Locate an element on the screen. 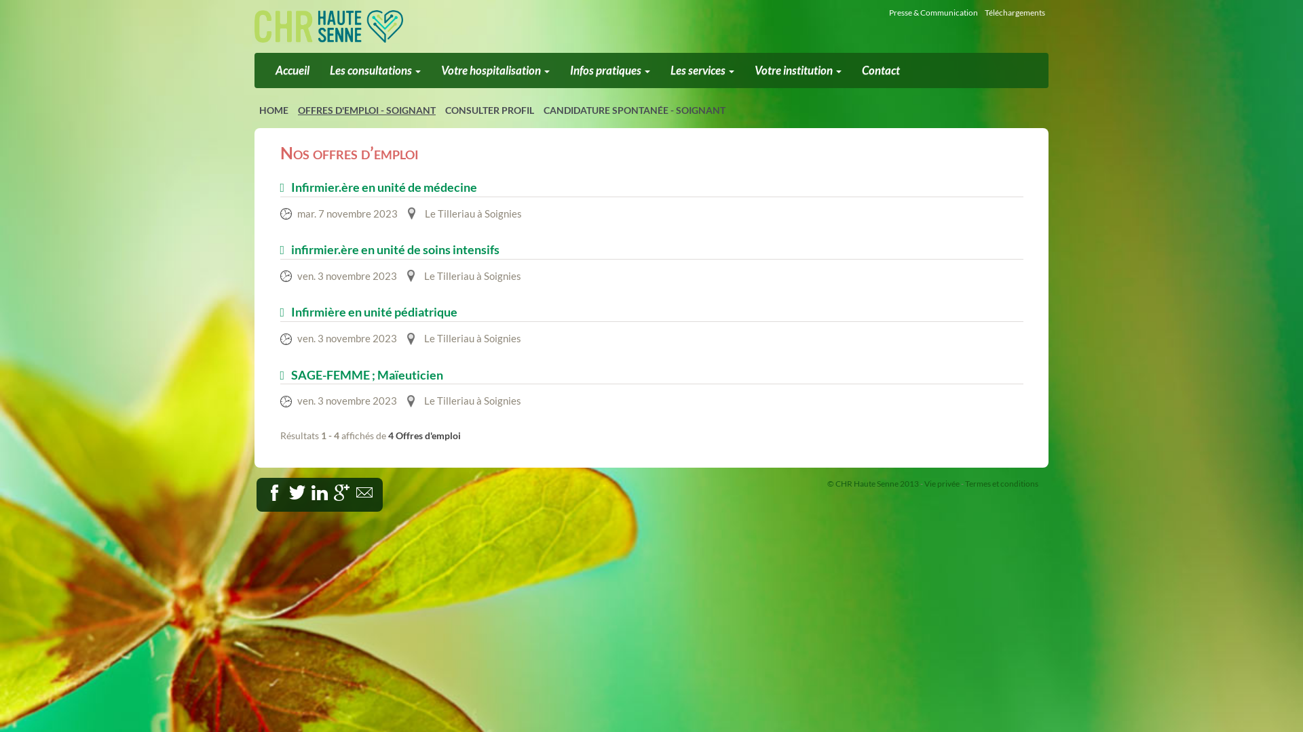  'Votre institution' is located at coordinates (798, 70).